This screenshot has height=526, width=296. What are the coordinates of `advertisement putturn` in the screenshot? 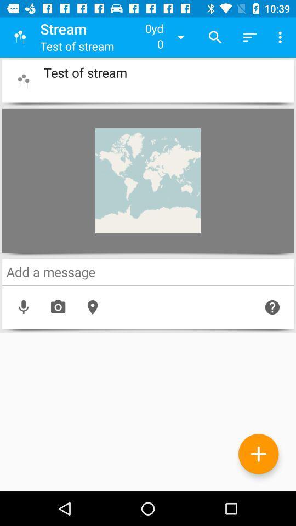 It's located at (258, 454).